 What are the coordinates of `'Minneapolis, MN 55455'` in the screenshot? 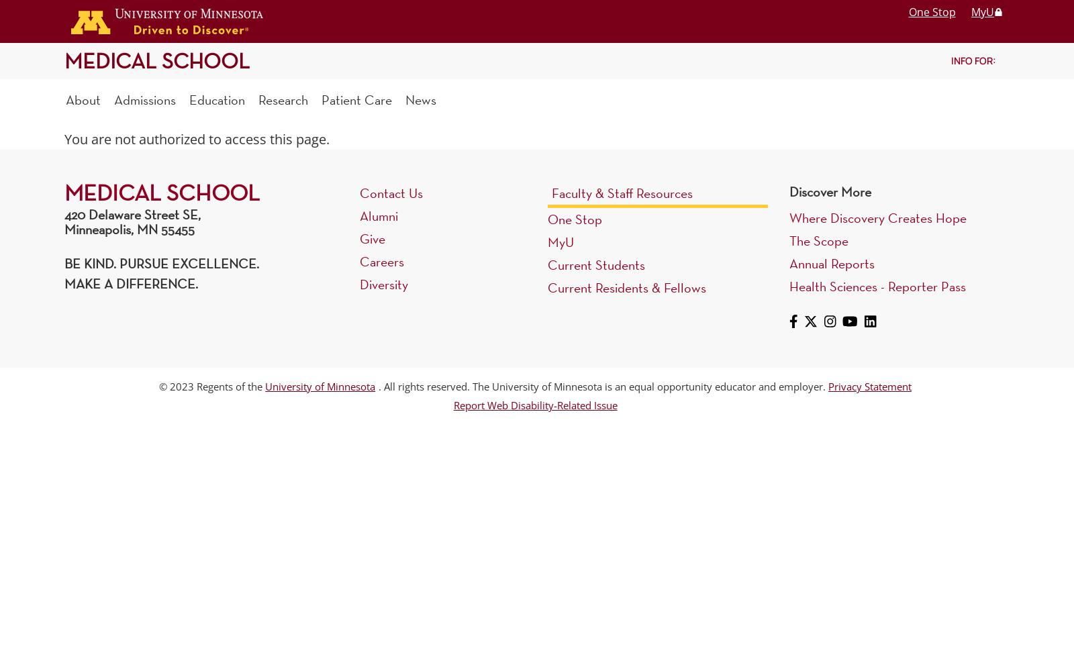 It's located at (128, 229).